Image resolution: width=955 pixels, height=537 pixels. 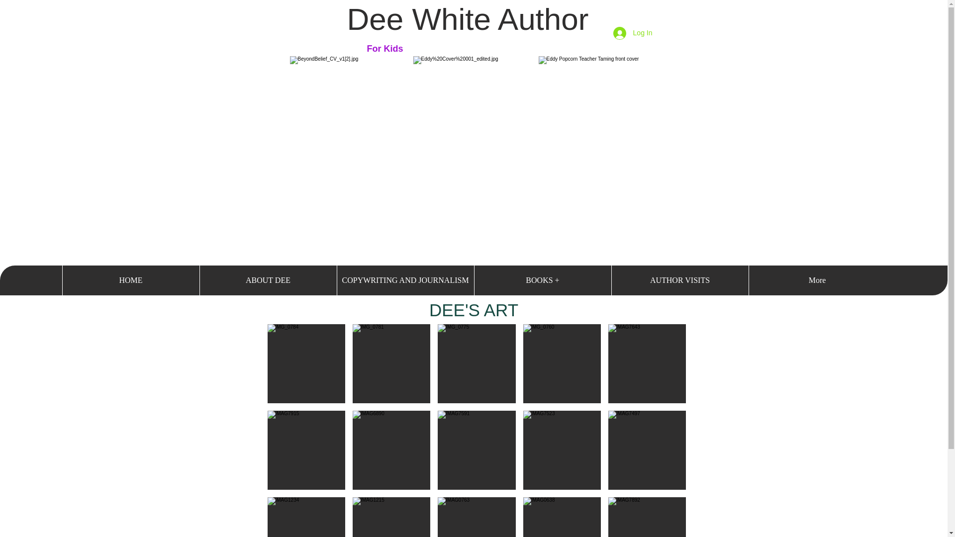 I want to click on 'HOME', so click(x=130, y=280).